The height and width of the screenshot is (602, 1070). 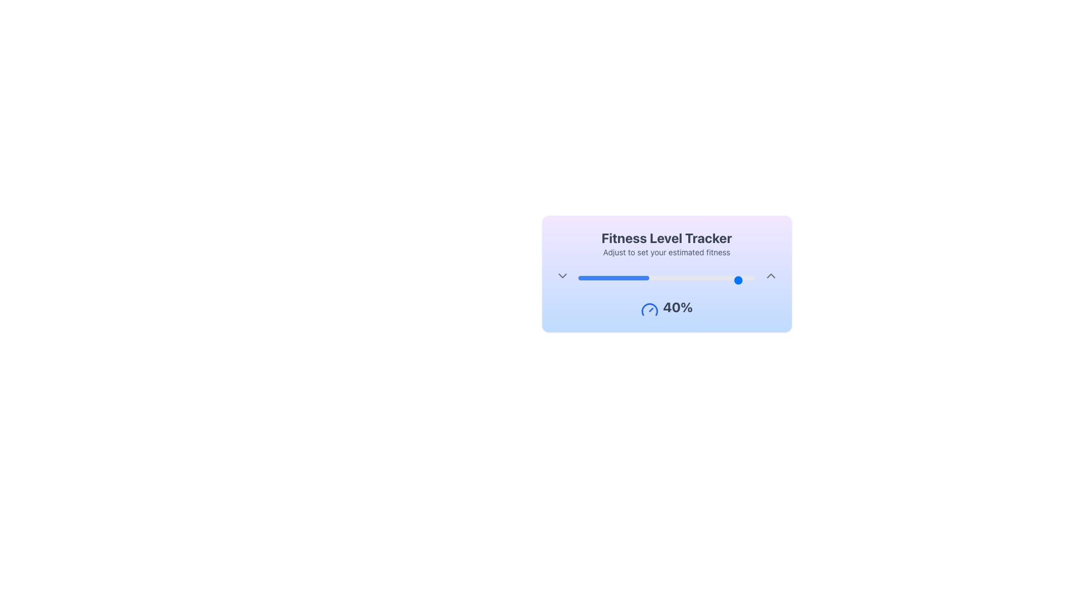 I want to click on the Progress bar that visually indicates a 40% completion level, located below the 'Fitness Level Tracker' text, so click(x=613, y=277).